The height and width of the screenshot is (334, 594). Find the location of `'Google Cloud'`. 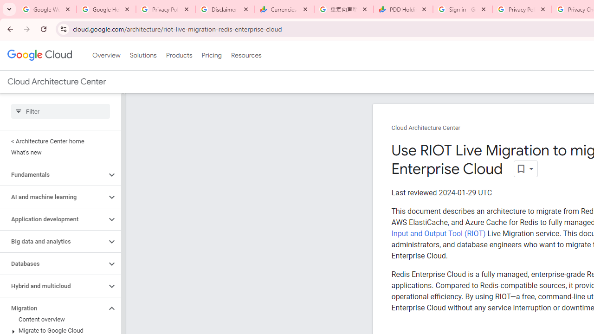

'Google Cloud' is located at coordinates (39, 55).